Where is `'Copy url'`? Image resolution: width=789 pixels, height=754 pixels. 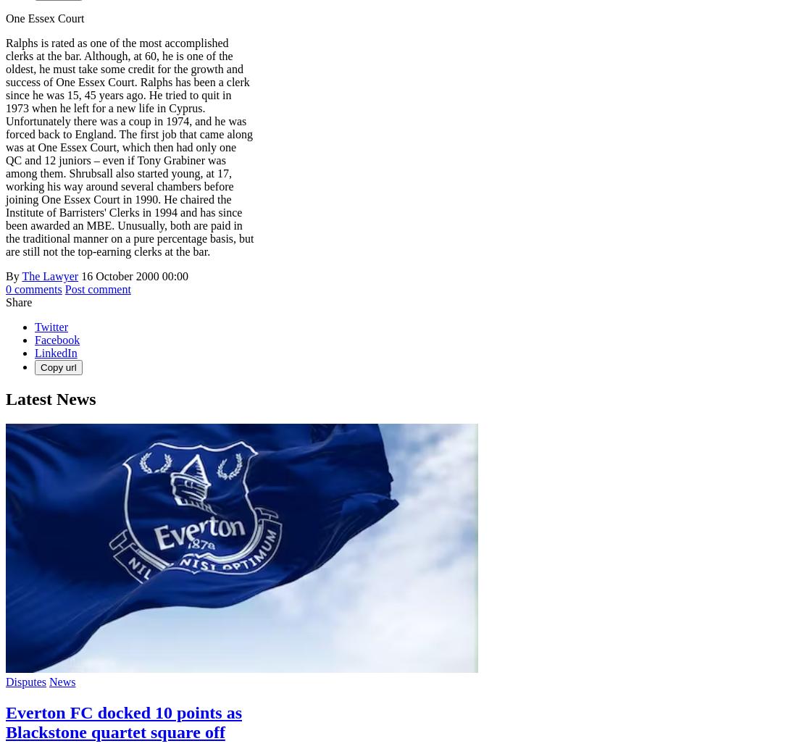
'Copy url' is located at coordinates (58, 366).